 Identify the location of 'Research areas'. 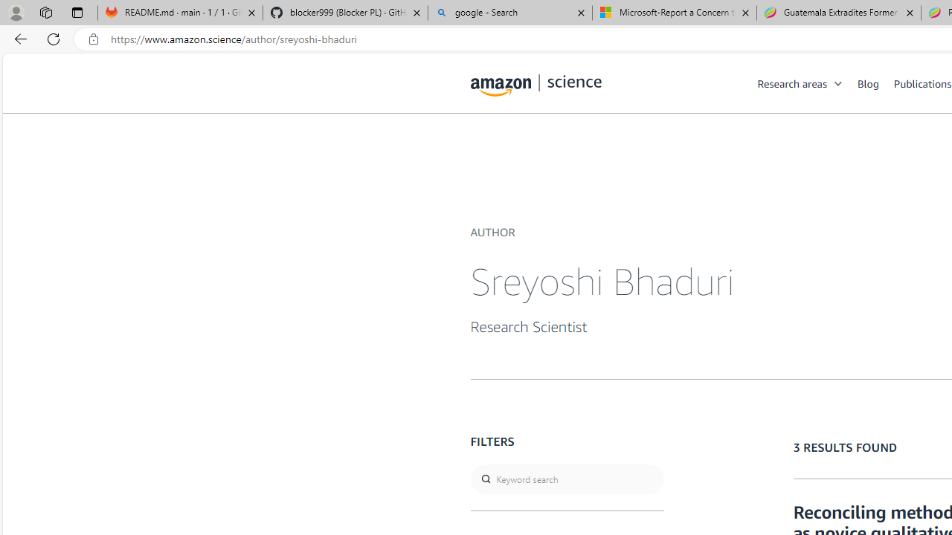
(807, 82).